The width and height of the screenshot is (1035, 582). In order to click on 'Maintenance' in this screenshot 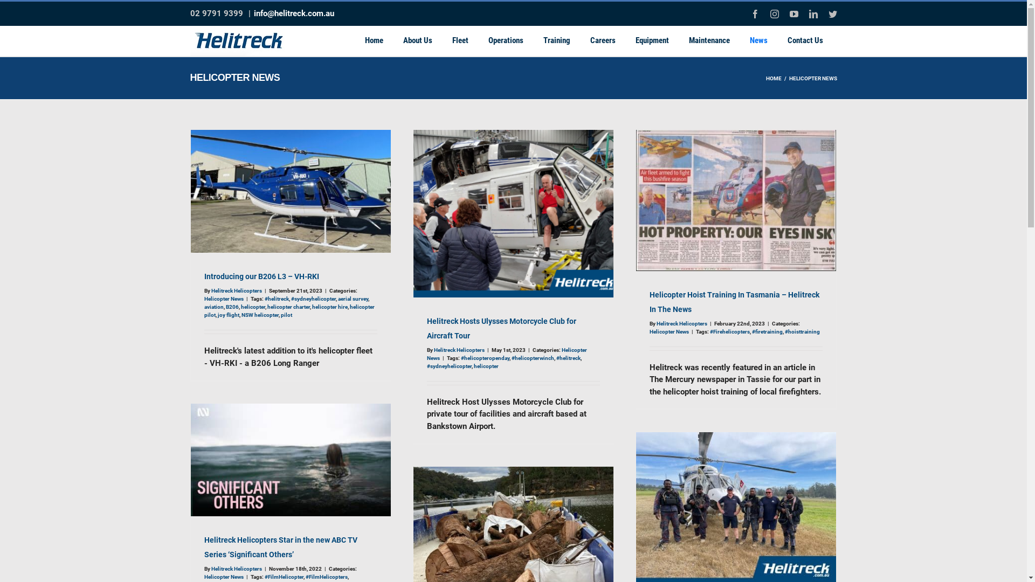, I will do `click(682, 40)`.